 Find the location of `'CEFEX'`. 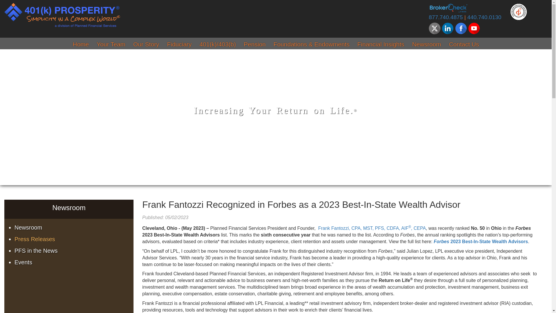

'CEFEX' is located at coordinates (518, 11).